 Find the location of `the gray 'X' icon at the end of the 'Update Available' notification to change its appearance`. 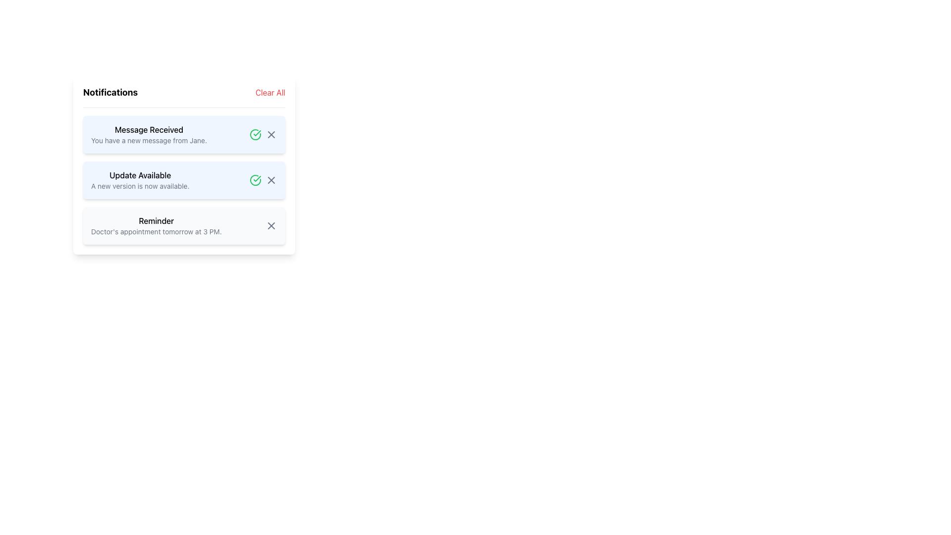

the gray 'X' icon at the end of the 'Update Available' notification to change its appearance is located at coordinates (271, 180).